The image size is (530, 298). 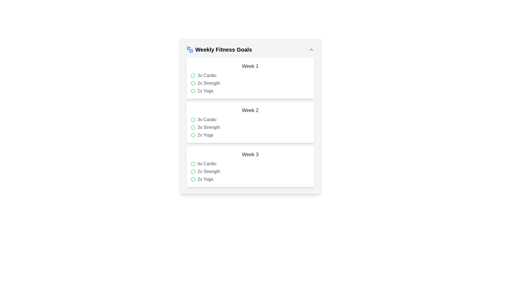 I want to click on the activity state icon in the 'Week 3' group, associated with the '2x Yoga' task, so click(x=193, y=179).